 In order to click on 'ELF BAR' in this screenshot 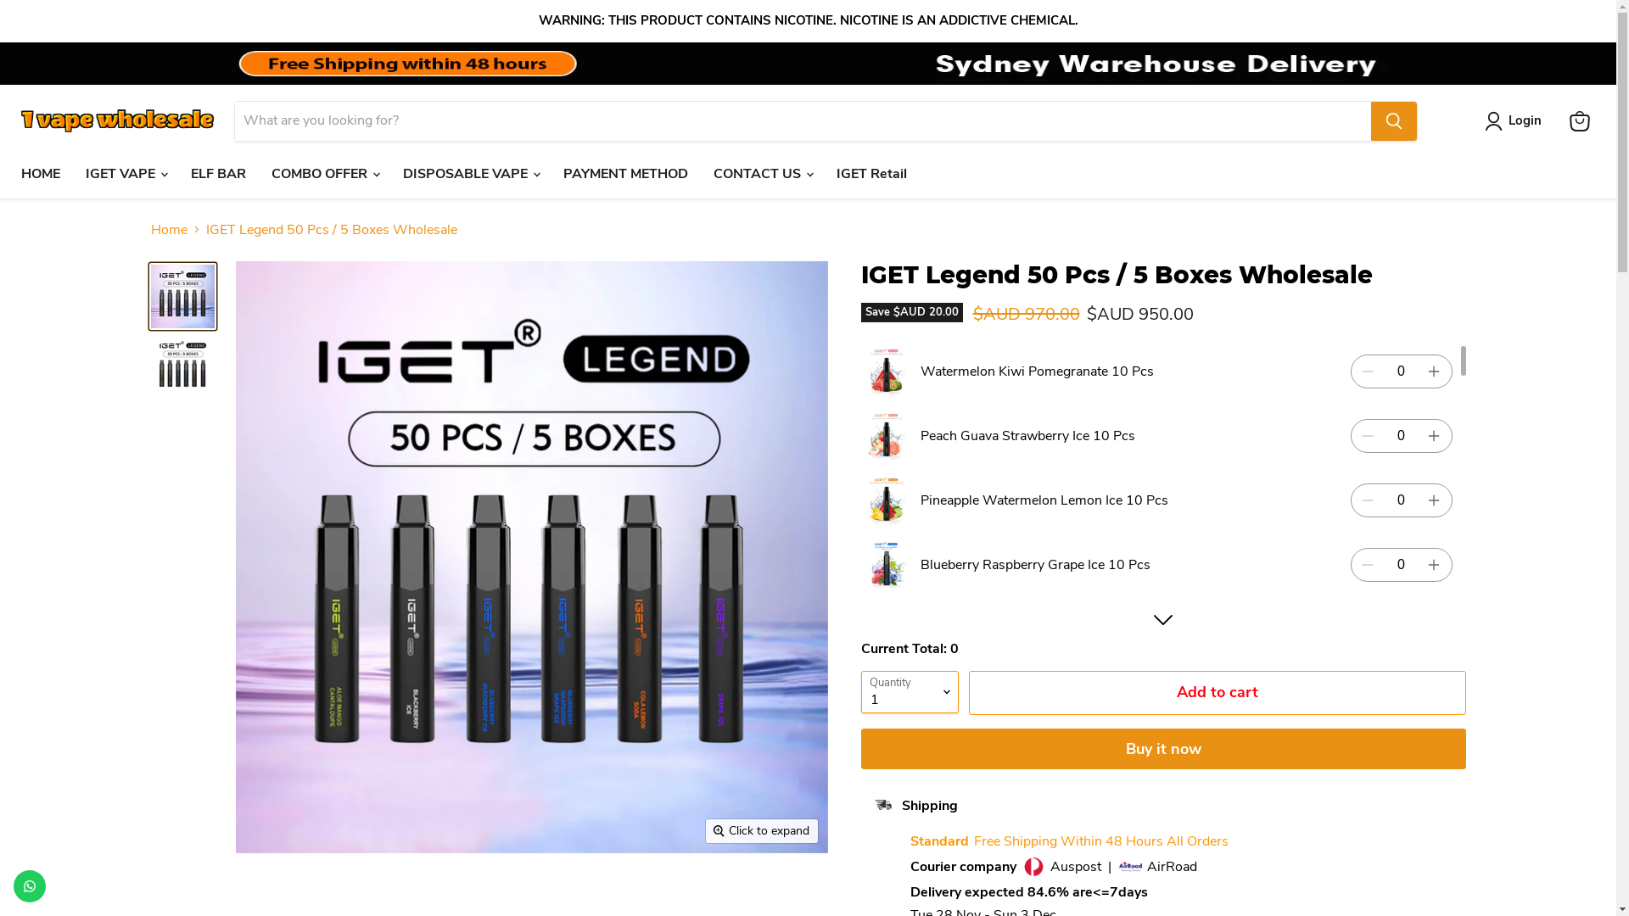, I will do `click(217, 173)`.